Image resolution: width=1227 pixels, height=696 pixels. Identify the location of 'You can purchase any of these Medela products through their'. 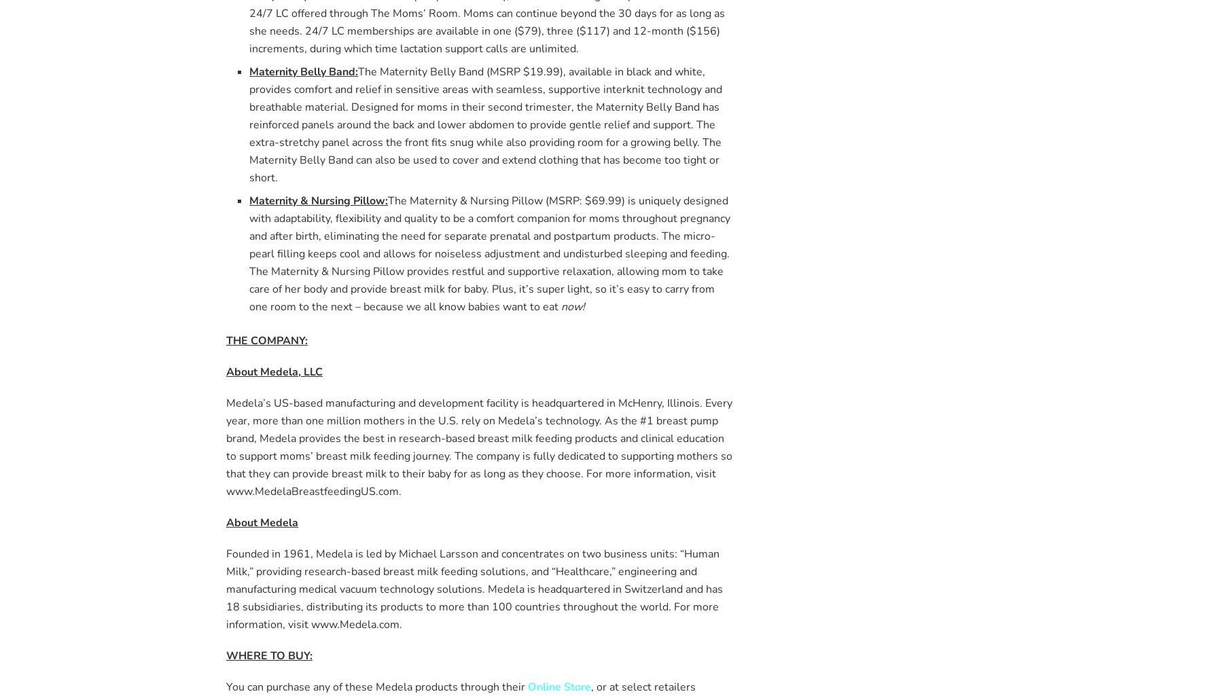
(376, 685).